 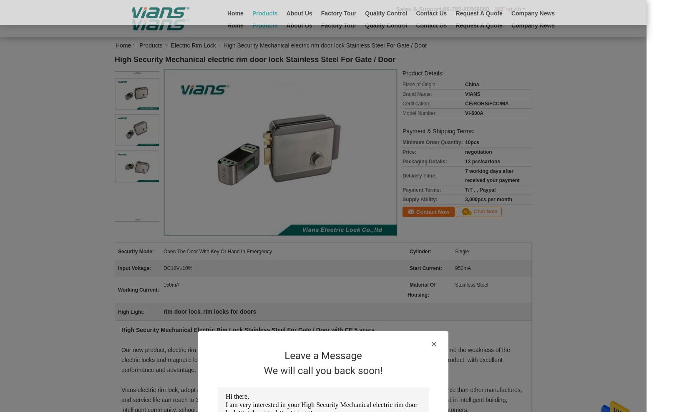 I want to click on 'Products', so click(x=150, y=45).